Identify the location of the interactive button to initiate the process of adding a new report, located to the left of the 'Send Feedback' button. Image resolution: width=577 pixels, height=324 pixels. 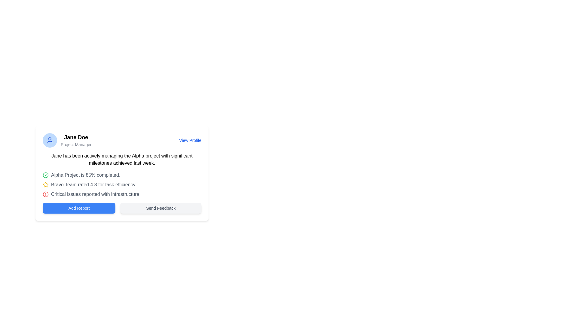
(79, 208).